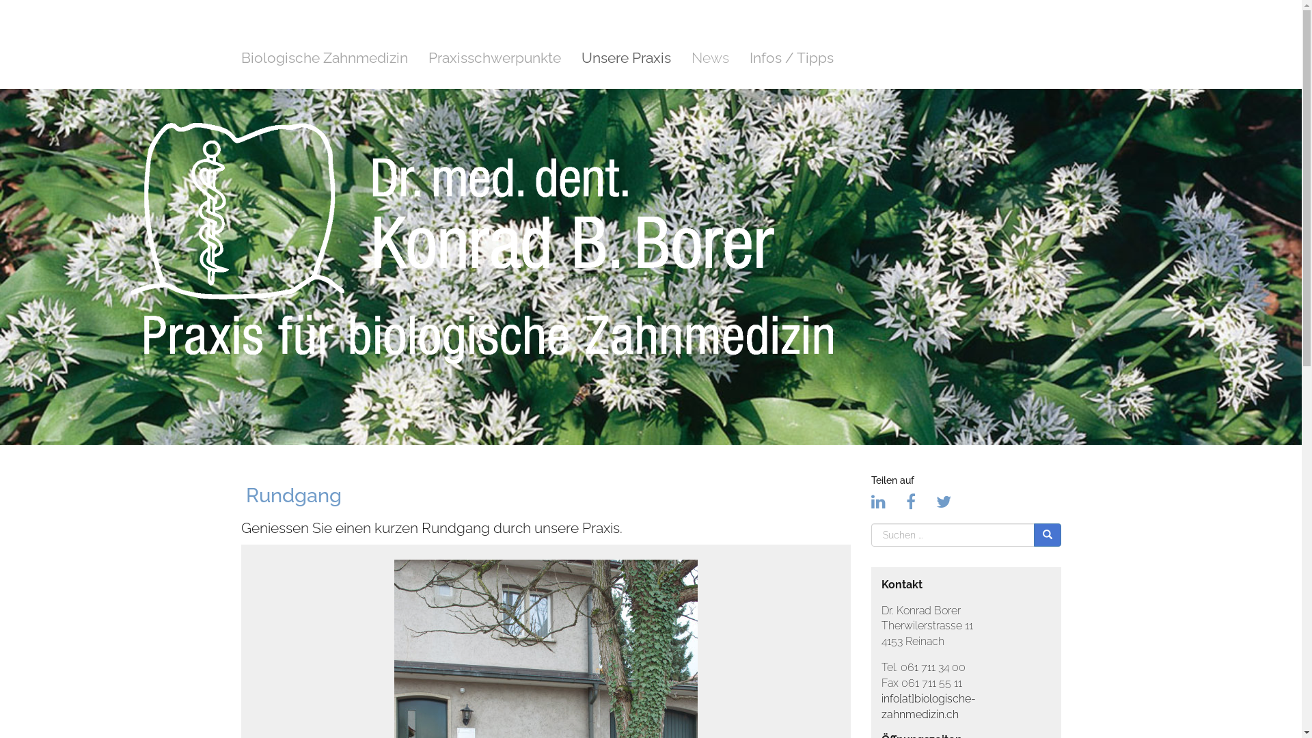 This screenshot has height=738, width=1312. What do you see at coordinates (881, 706) in the screenshot?
I see `'info[at]biologische-zahnmedizin.ch'` at bounding box center [881, 706].